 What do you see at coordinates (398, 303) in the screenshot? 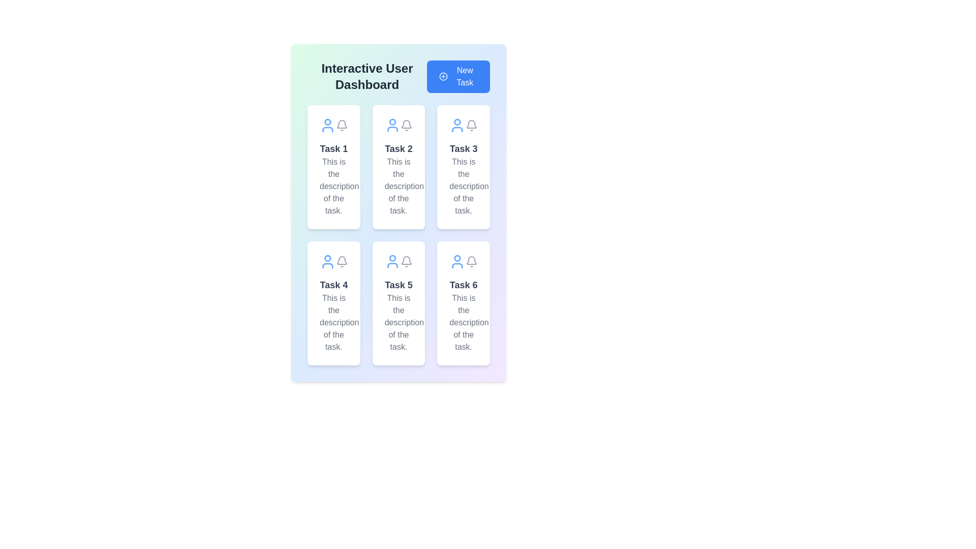
I see `the task representation card located in the second row, second column of the grid layout, which displays the task's title and description` at bounding box center [398, 303].